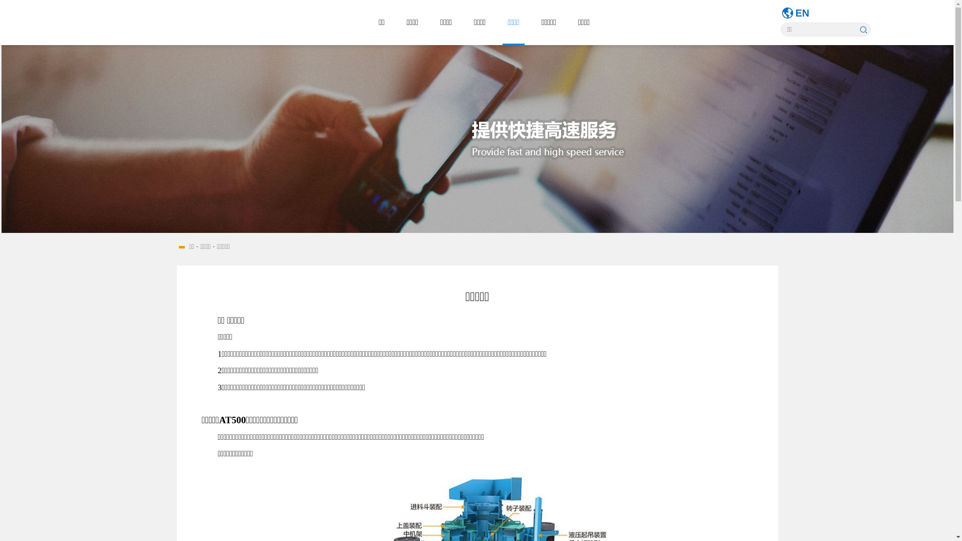 The image size is (962, 541). What do you see at coordinates (803, 13) in the screenshot?
I see `'EN'` at bounding box center [803, 13].